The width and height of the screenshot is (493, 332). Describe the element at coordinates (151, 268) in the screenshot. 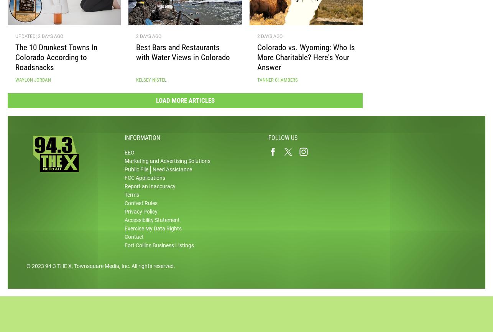

I see `'. All rights reserved.'` at that location.